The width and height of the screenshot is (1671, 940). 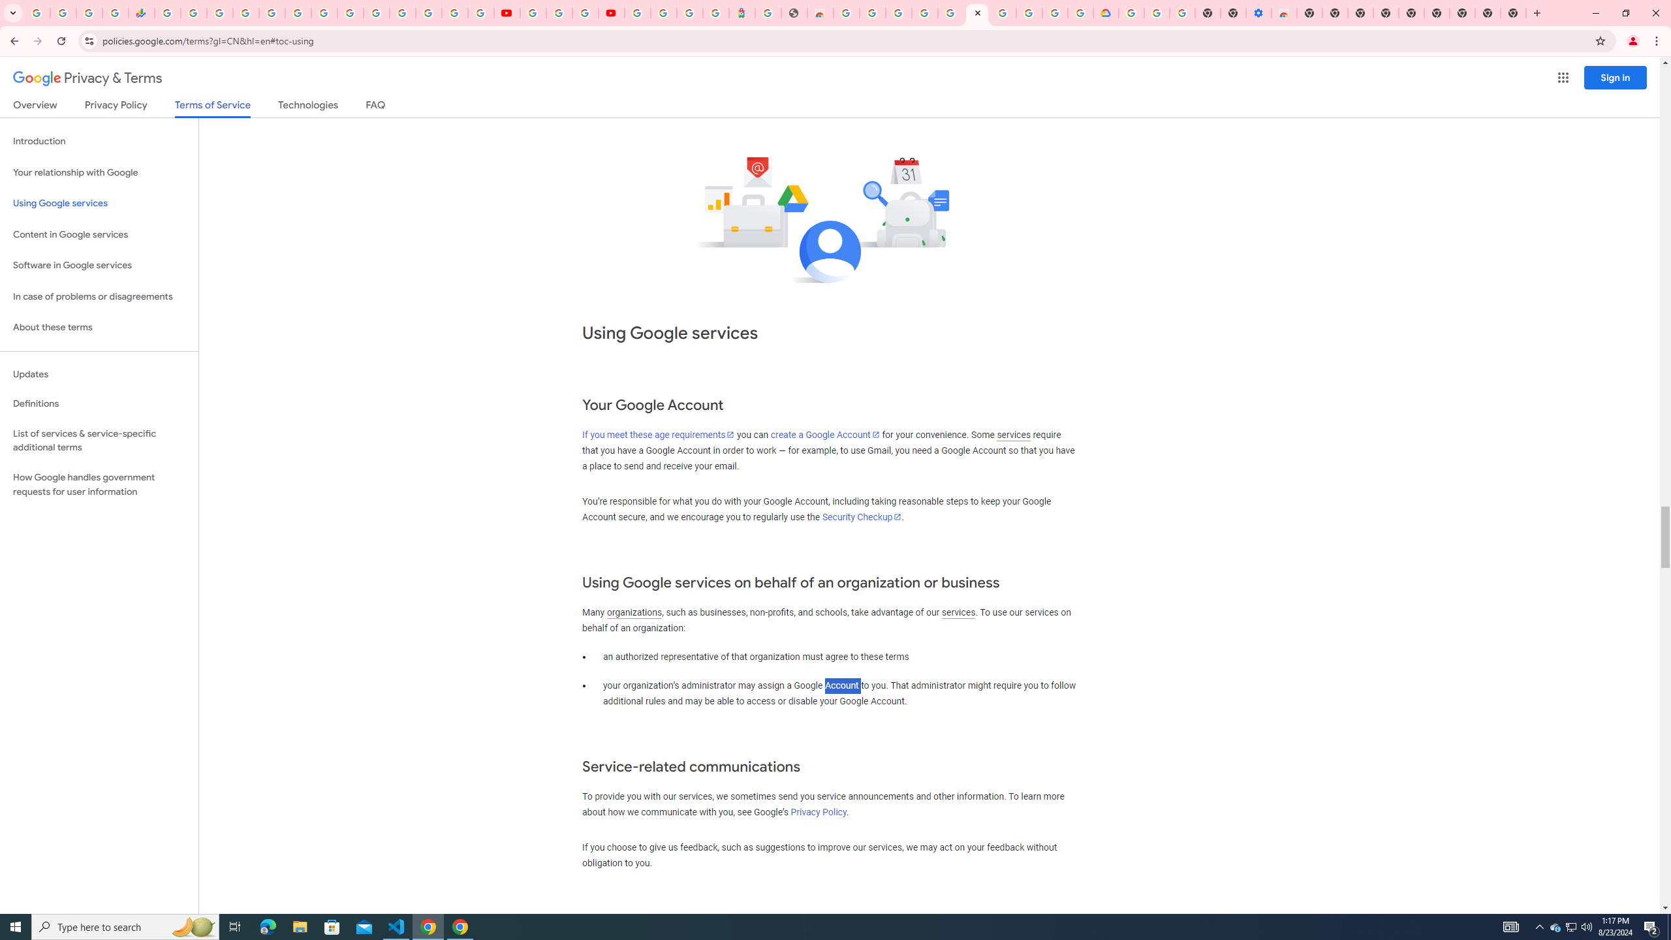 What do you see at coordinates (1283, 12) in the screenshot?
I see `'Chrome Web Store - Accessibility extensions'` at bounding box center [1283, 12].